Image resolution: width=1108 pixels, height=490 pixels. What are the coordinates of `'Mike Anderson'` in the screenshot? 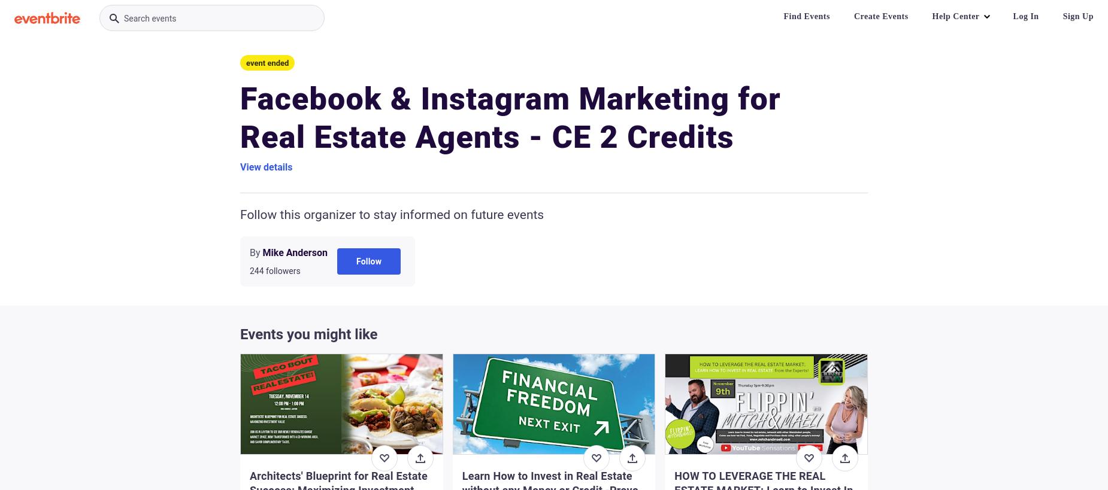 It's located at (294, 252).